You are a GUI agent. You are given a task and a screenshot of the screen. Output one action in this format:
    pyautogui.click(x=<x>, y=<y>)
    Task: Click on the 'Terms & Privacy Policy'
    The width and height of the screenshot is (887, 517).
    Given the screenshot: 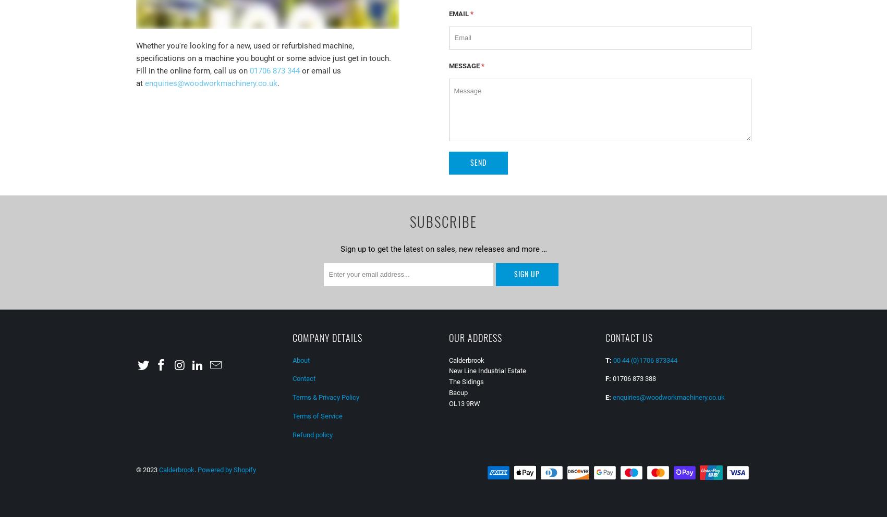 What is the action you would take?
    pyautogui.click(x=324, y=397)
    